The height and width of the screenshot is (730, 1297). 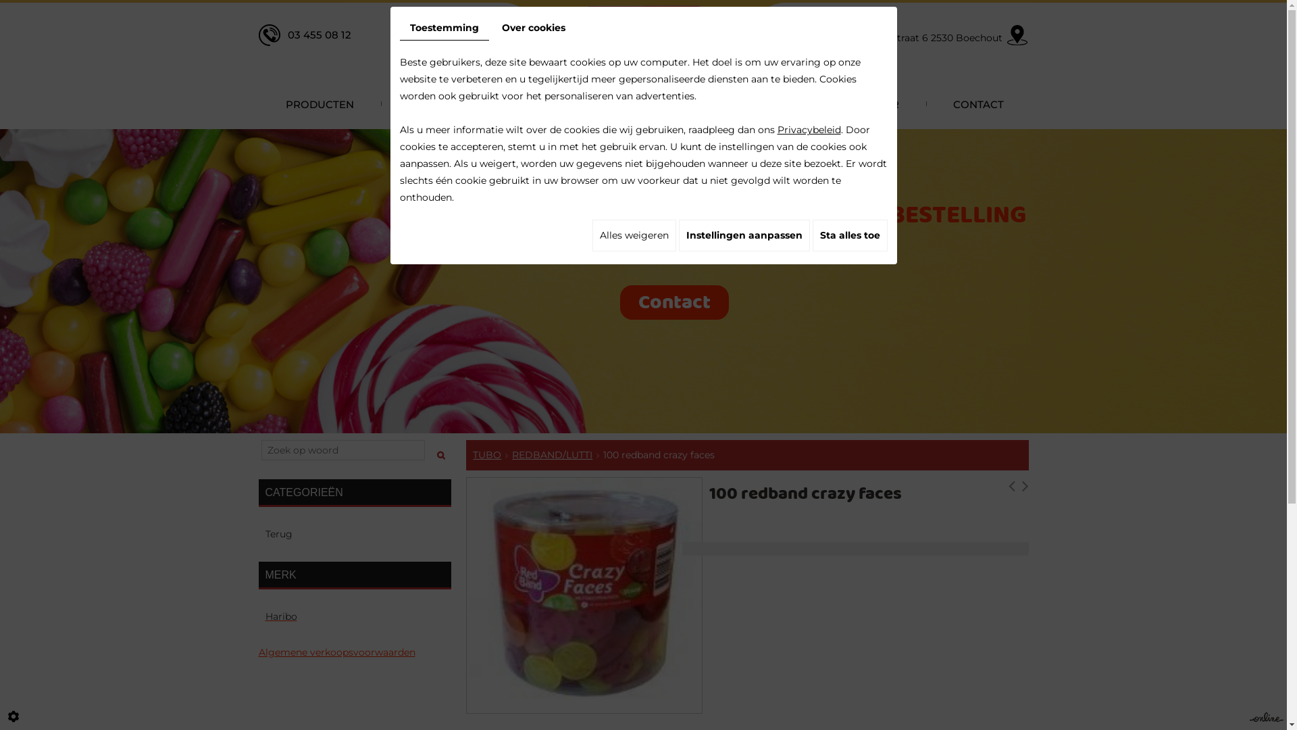 What do you see at coordinates (591, 235) in the screenshot?
I see `'Alles weigeren'` at bounding box center [591, 235].